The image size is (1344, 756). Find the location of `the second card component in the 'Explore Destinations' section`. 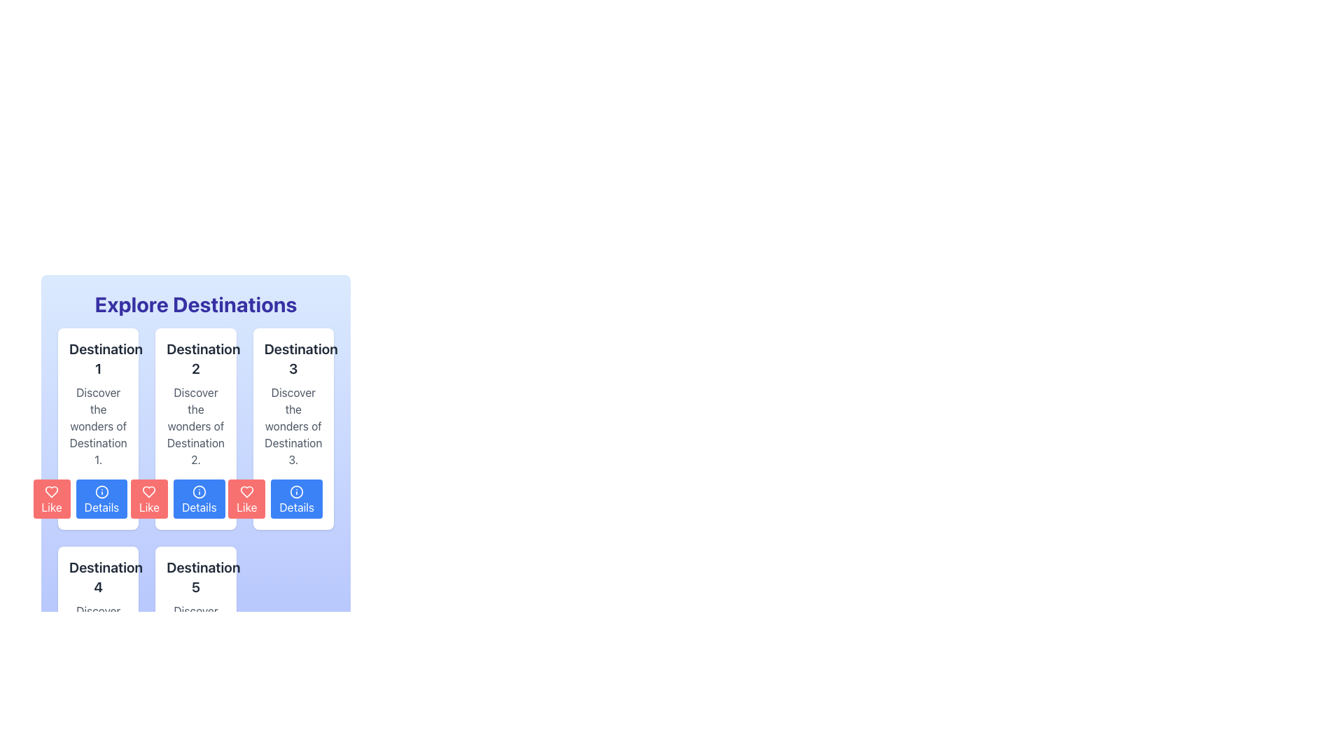

the second card component in the 'Explore Destinations' section is located at coordinates (195, 434).